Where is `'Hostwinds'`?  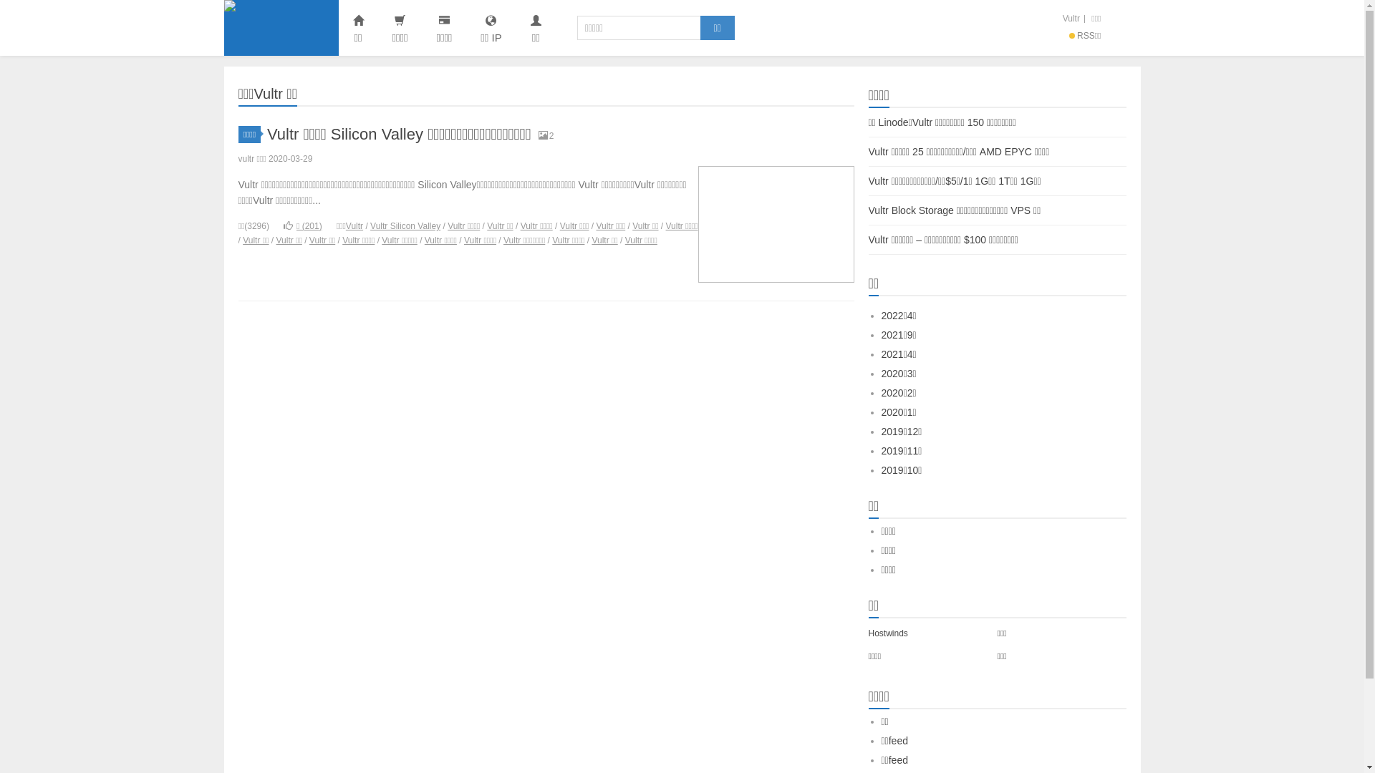 'Hostwinds' is located at coordinates (887, 632).